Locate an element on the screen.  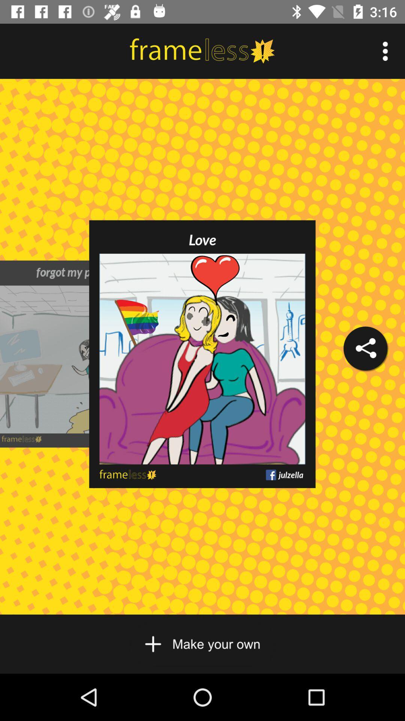
the icon on the right is located at coordinates (365, 348).